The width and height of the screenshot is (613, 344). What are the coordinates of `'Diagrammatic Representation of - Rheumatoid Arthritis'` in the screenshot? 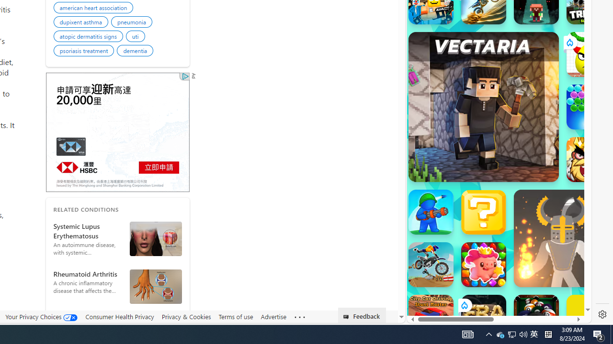 It's located at (156, 286).